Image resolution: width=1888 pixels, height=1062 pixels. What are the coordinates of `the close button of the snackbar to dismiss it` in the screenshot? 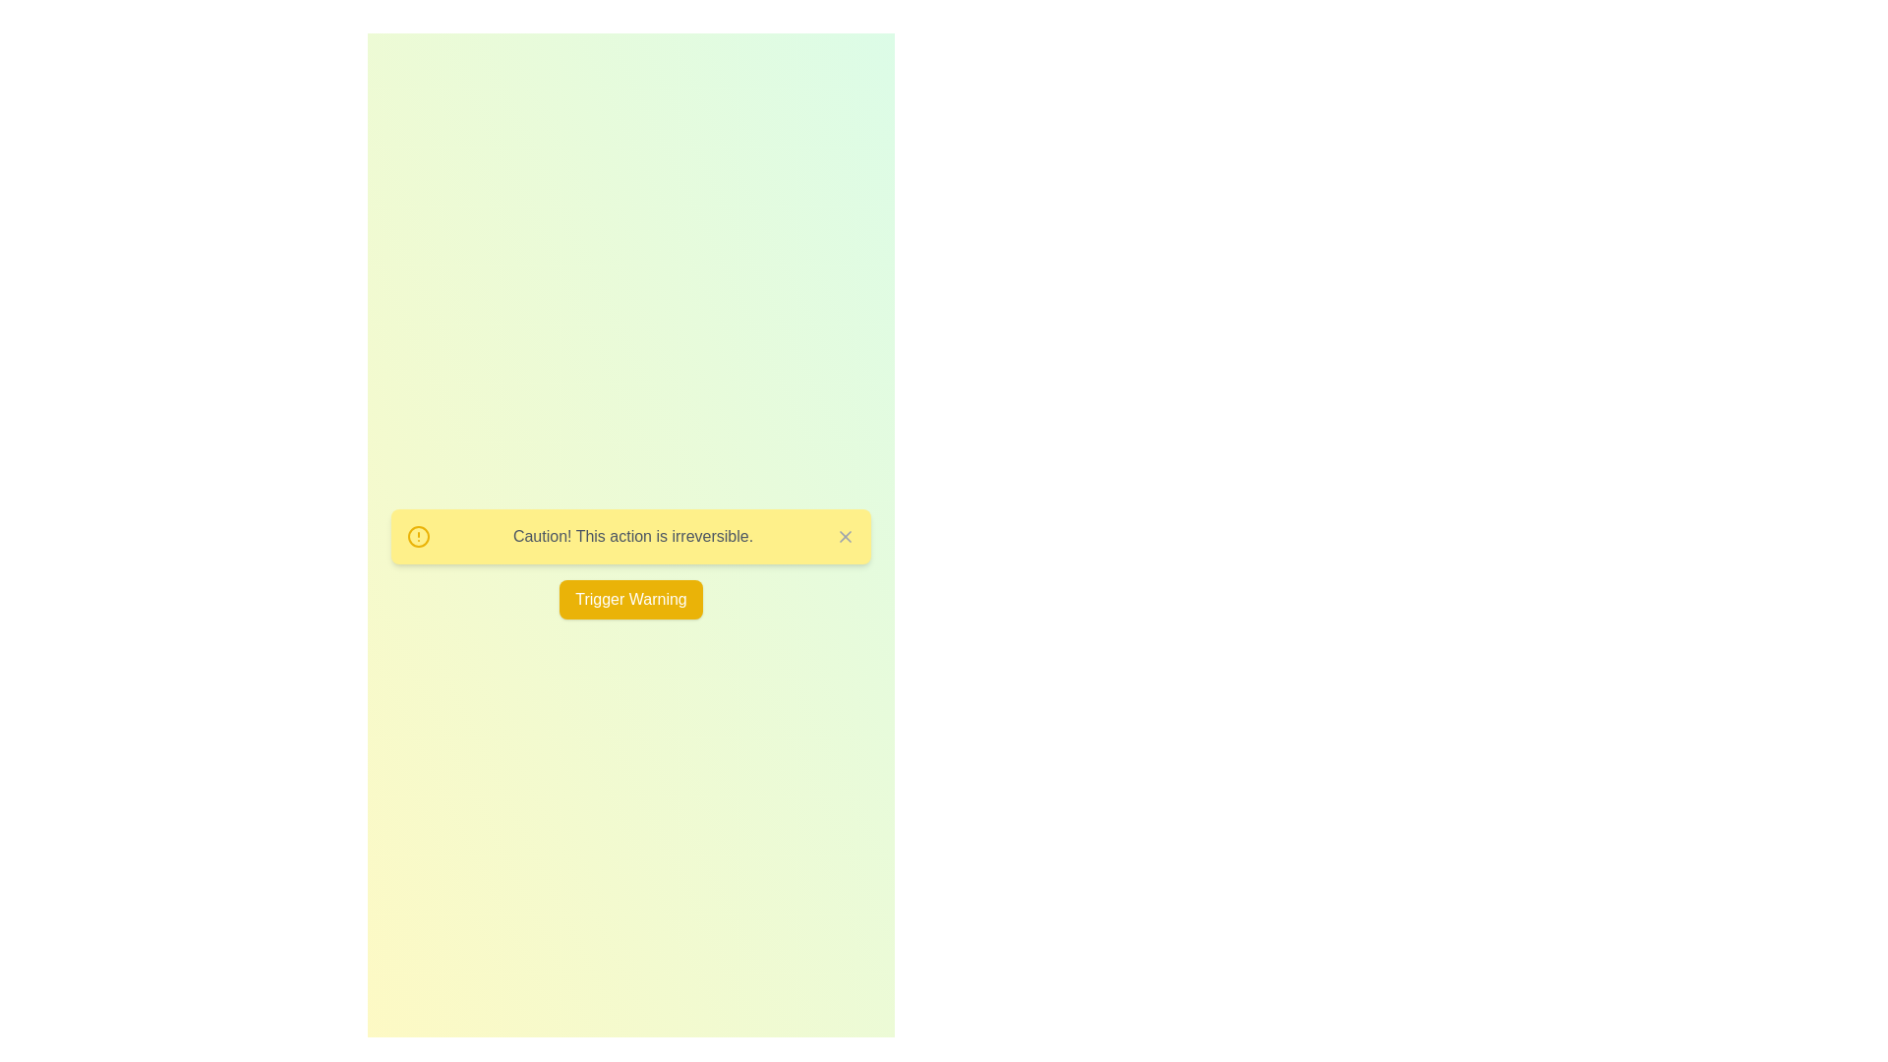 It's located at (845, 537).